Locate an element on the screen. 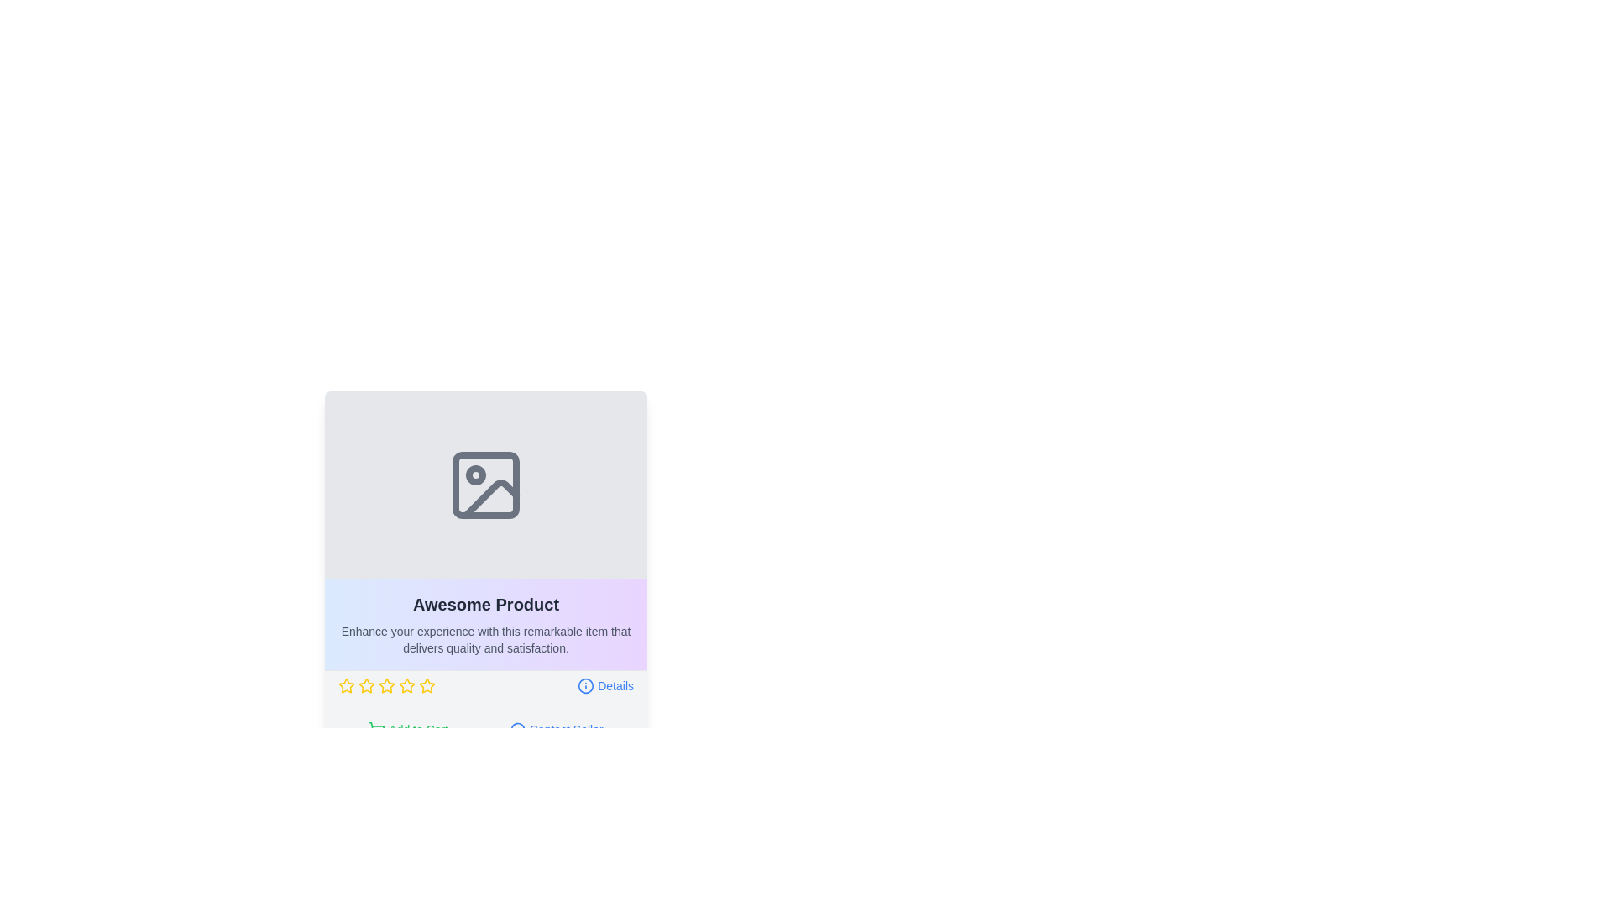 Image resolution: width=1612 pixels, height=907 pixels. the third star icon in the 5-star rating component to rate this level is located at coordinates (406, 685).